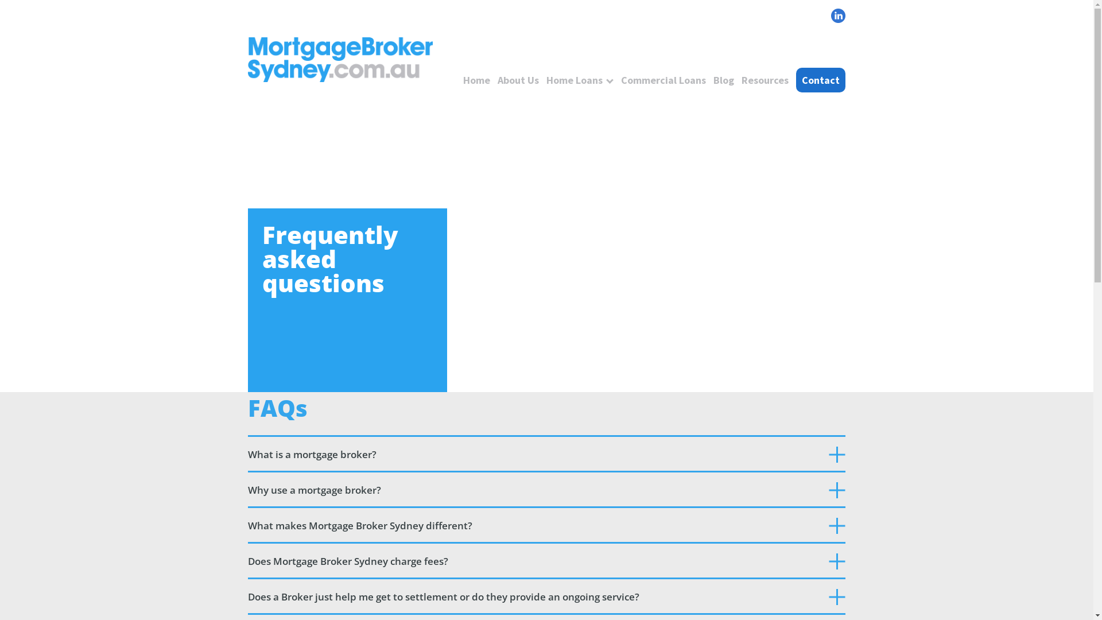  Describe the element at coordinates (463, 79) in the screenshot. I see `'Home'` at that location.